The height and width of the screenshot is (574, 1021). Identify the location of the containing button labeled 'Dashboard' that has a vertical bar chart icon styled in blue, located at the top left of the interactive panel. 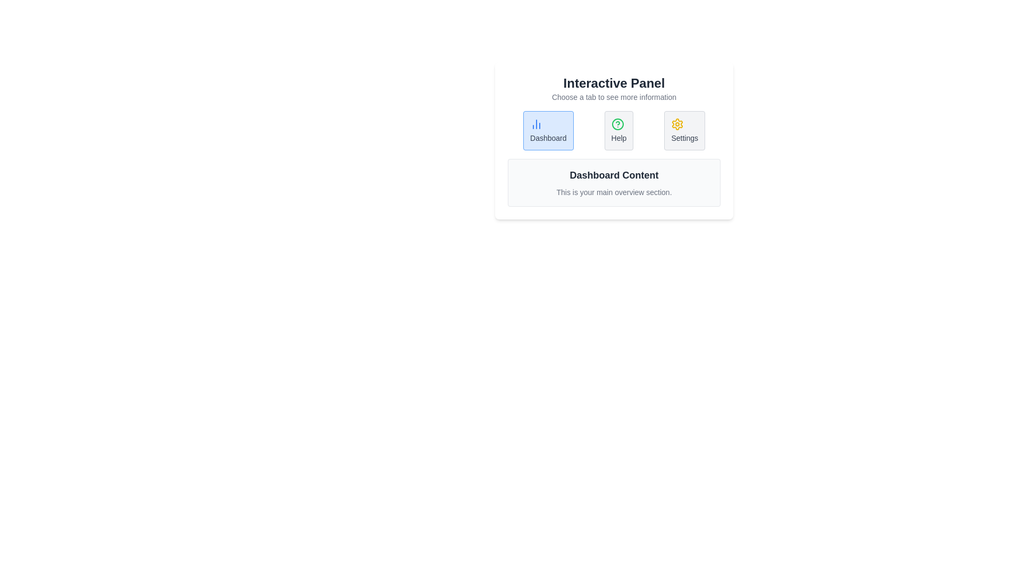
(536, 124).